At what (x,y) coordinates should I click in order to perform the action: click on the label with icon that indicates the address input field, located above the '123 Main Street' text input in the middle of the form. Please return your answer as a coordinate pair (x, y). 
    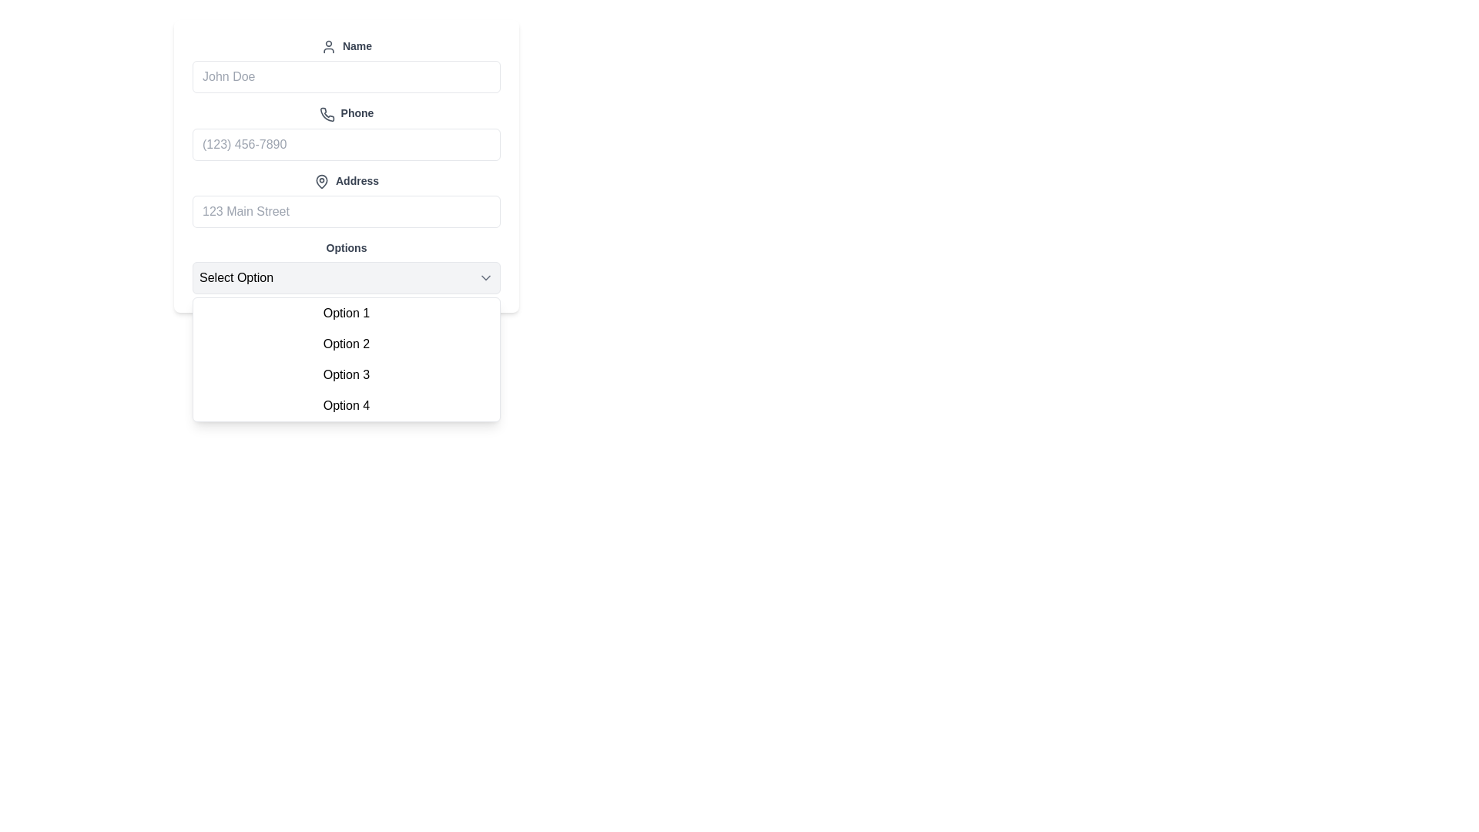
    Looking at the image, I should click on (346, 180).